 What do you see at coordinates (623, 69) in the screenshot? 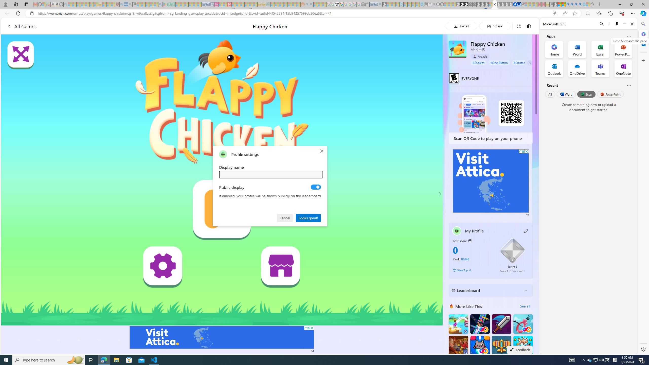
I see `'OneNote Office App'` at bounding box center [623, 69].